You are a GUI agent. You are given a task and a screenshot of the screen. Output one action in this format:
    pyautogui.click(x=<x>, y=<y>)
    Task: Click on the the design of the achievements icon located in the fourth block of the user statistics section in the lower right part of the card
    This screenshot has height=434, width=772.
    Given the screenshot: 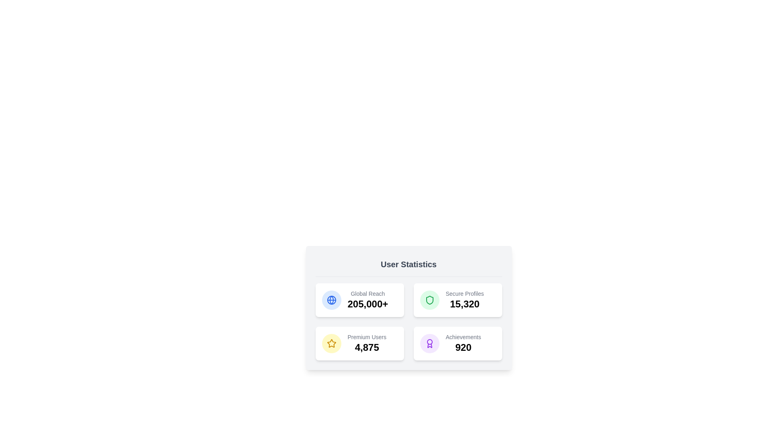 What is the action you would take?
    pyautogui.click(x=331, y=343)
    